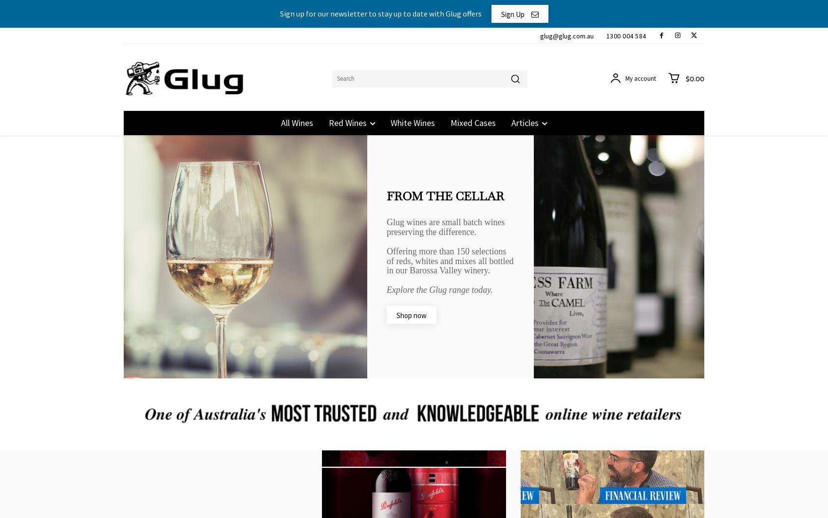  What do you see at coordinates (525, 122) in the screenshot?
I see `'Articles'` at bounding box center [525, 122].